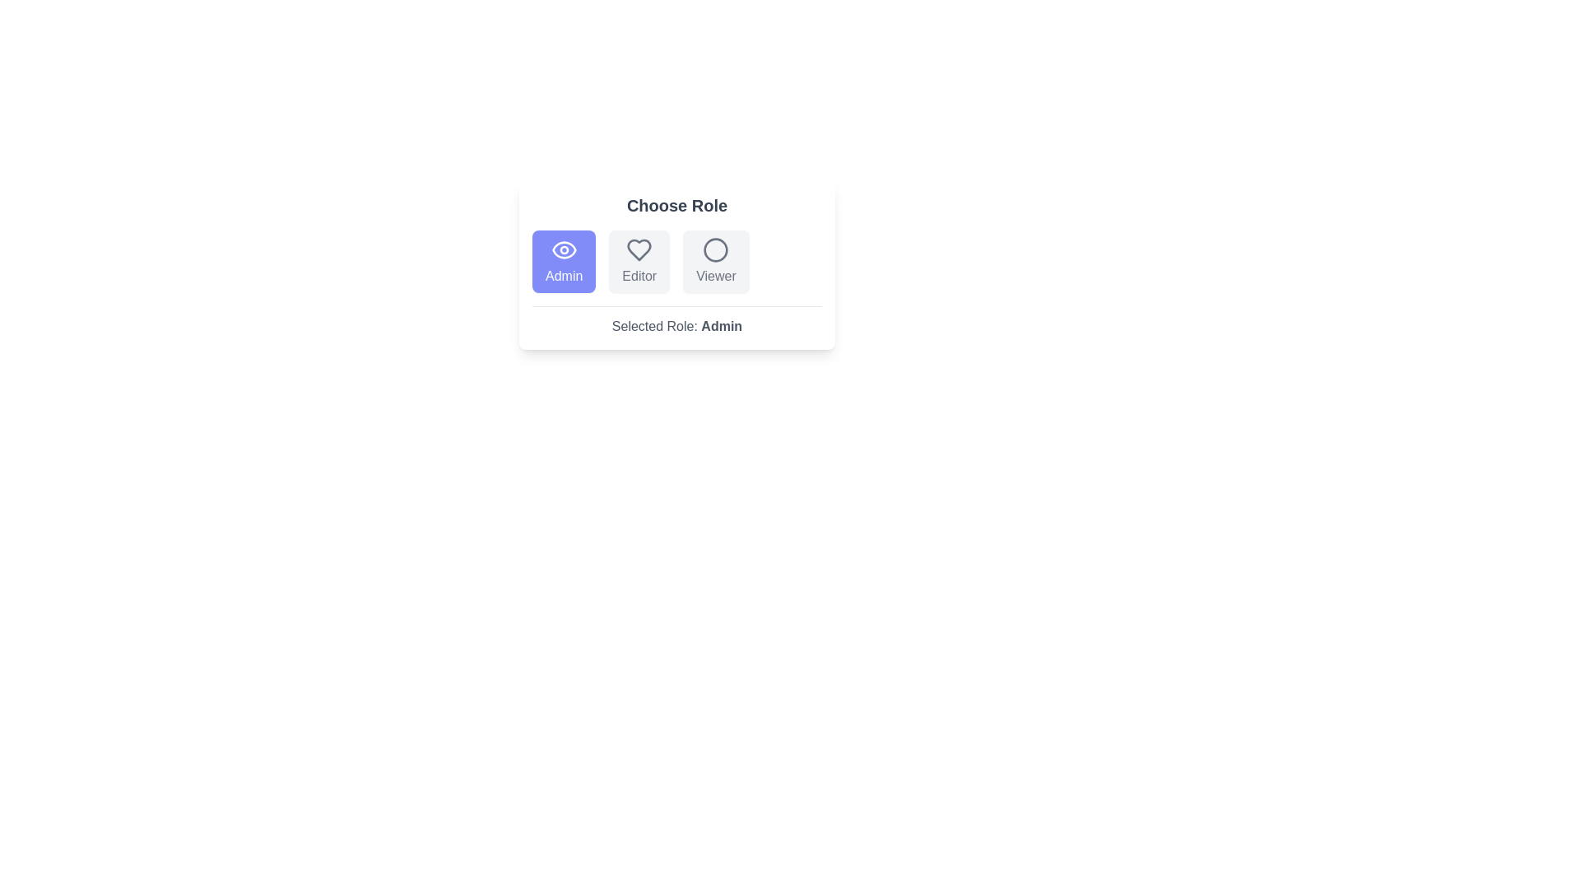  What do you see at coordinates (716, 260) in the screenshot?
I see `the 'Viewer' button` at bounding box center [716, 260].